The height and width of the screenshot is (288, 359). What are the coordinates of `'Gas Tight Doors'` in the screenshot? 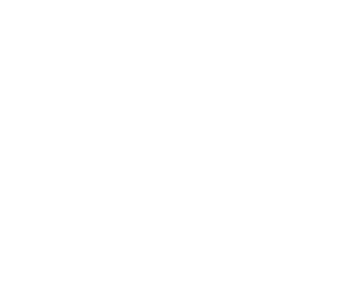 It's located at (22, 113).